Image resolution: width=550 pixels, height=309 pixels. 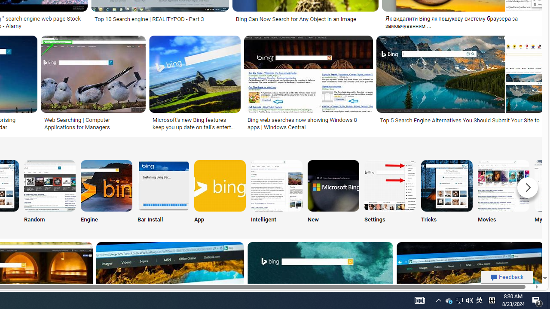 I want to click on 'New Bing Image Search New', so click(x=333, y=193).